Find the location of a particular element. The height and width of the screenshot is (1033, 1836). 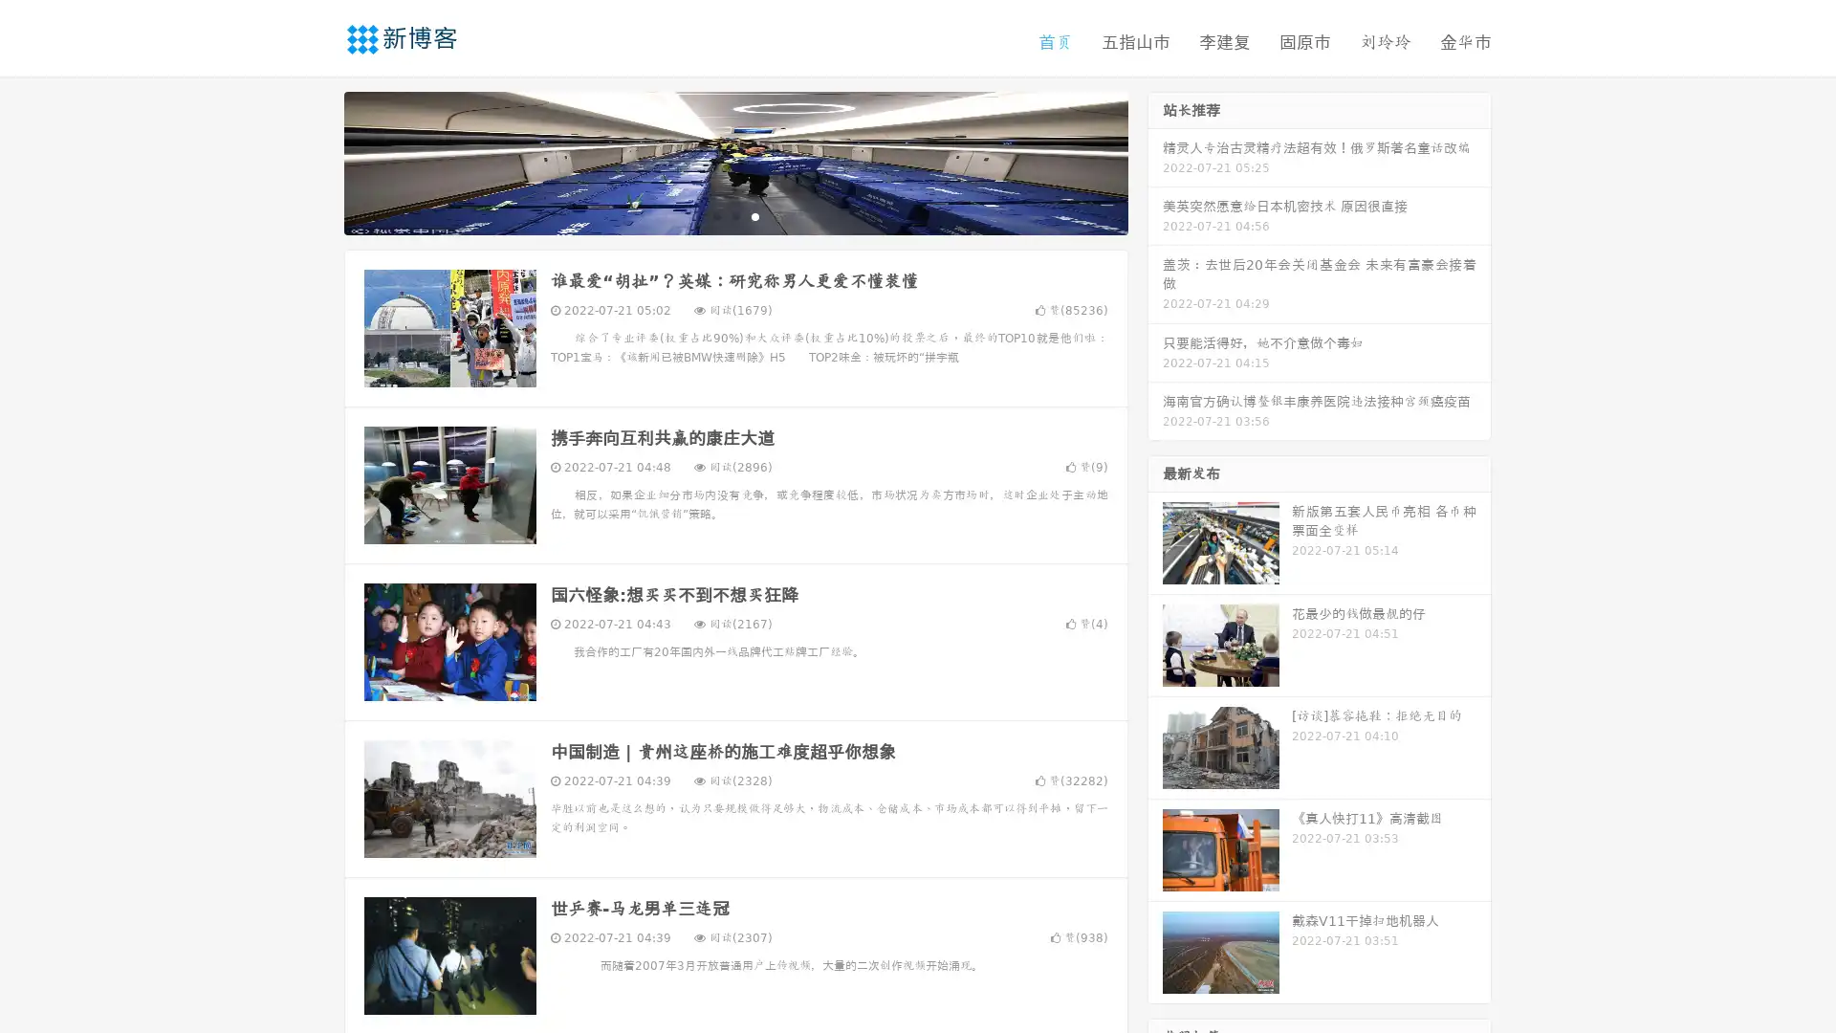

Go to slide 3 is located at coordinates (754, 215).